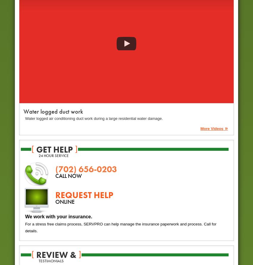 The height and width of the screenshot is (265, 253). I want to click on 'More Videos', so click(211, 128).